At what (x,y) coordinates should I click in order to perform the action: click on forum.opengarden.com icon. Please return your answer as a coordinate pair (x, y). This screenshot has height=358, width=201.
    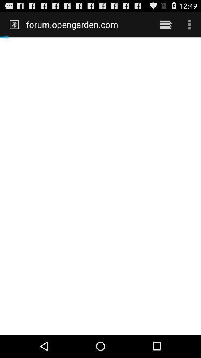
    Looking at the image, I should click on (87, 24).